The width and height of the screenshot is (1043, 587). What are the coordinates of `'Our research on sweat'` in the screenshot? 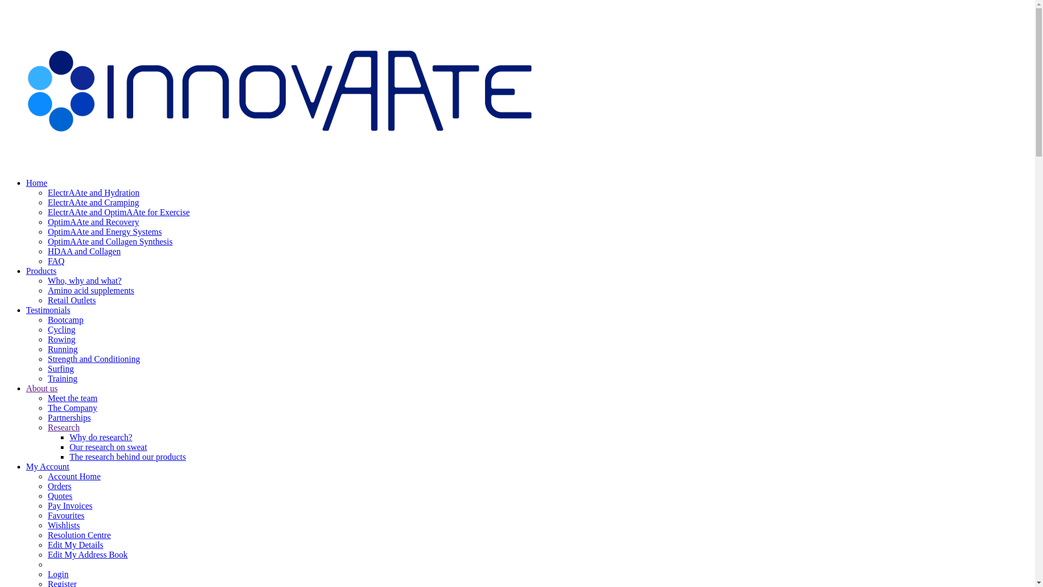 It's located at (108, 447).